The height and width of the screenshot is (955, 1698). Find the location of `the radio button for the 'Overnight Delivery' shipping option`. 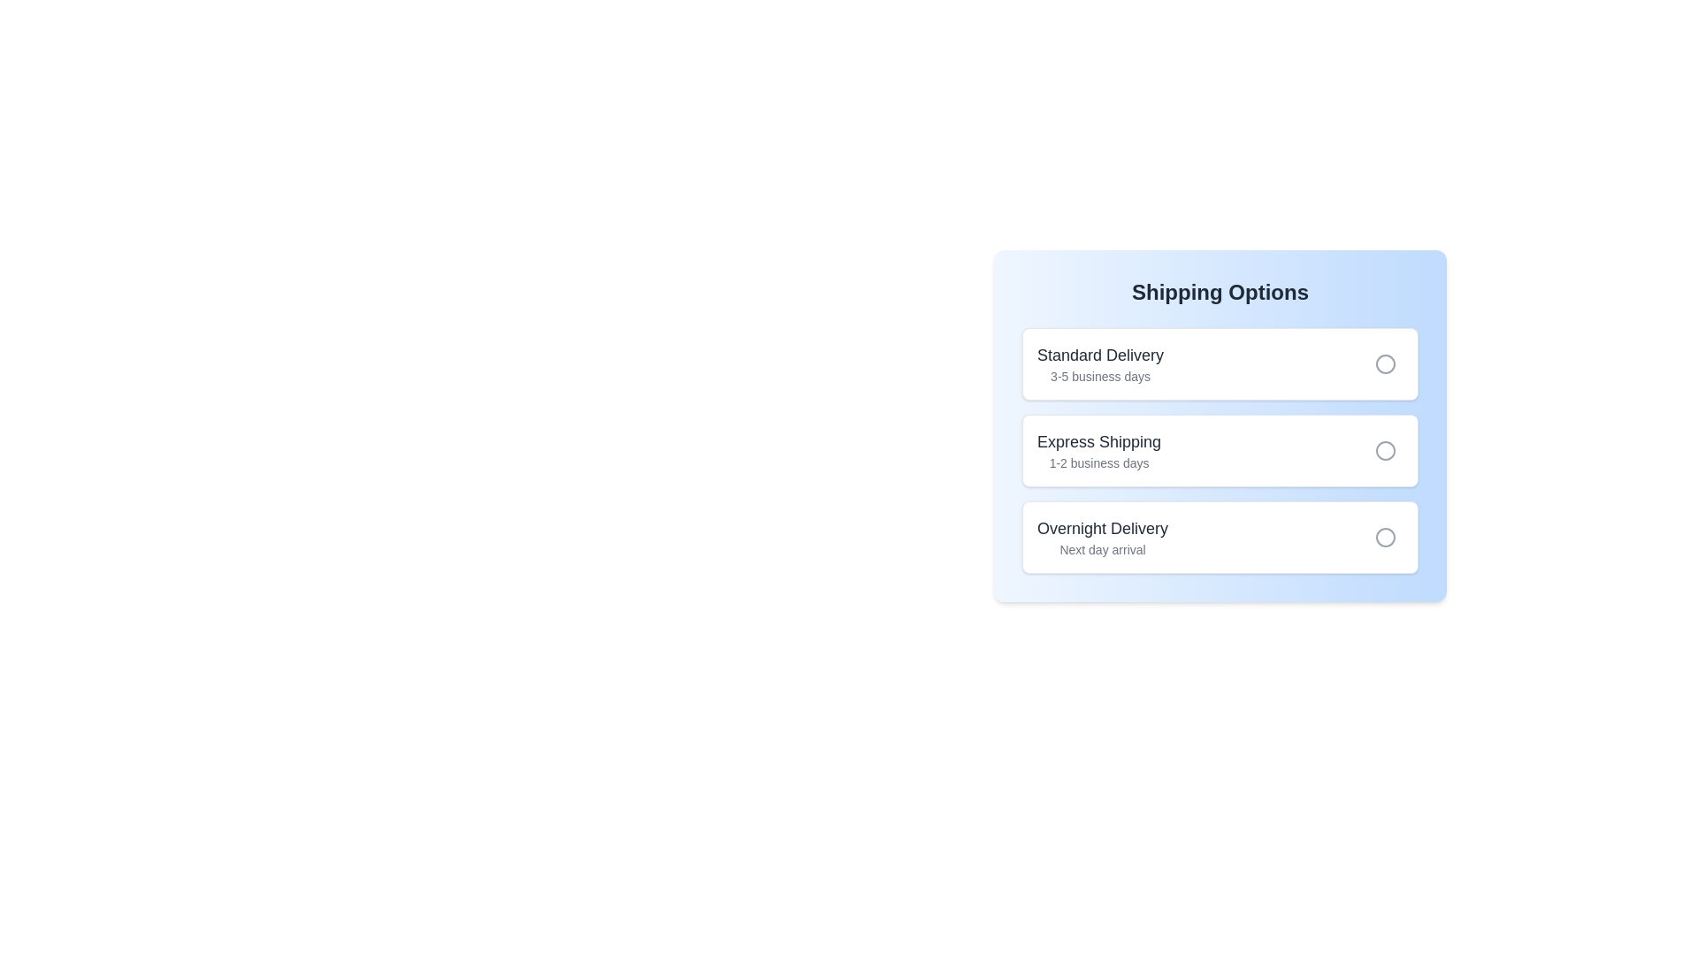

the radio button for the 'Overnight Delivery' shipping option is located at coordinates (1384, 537).